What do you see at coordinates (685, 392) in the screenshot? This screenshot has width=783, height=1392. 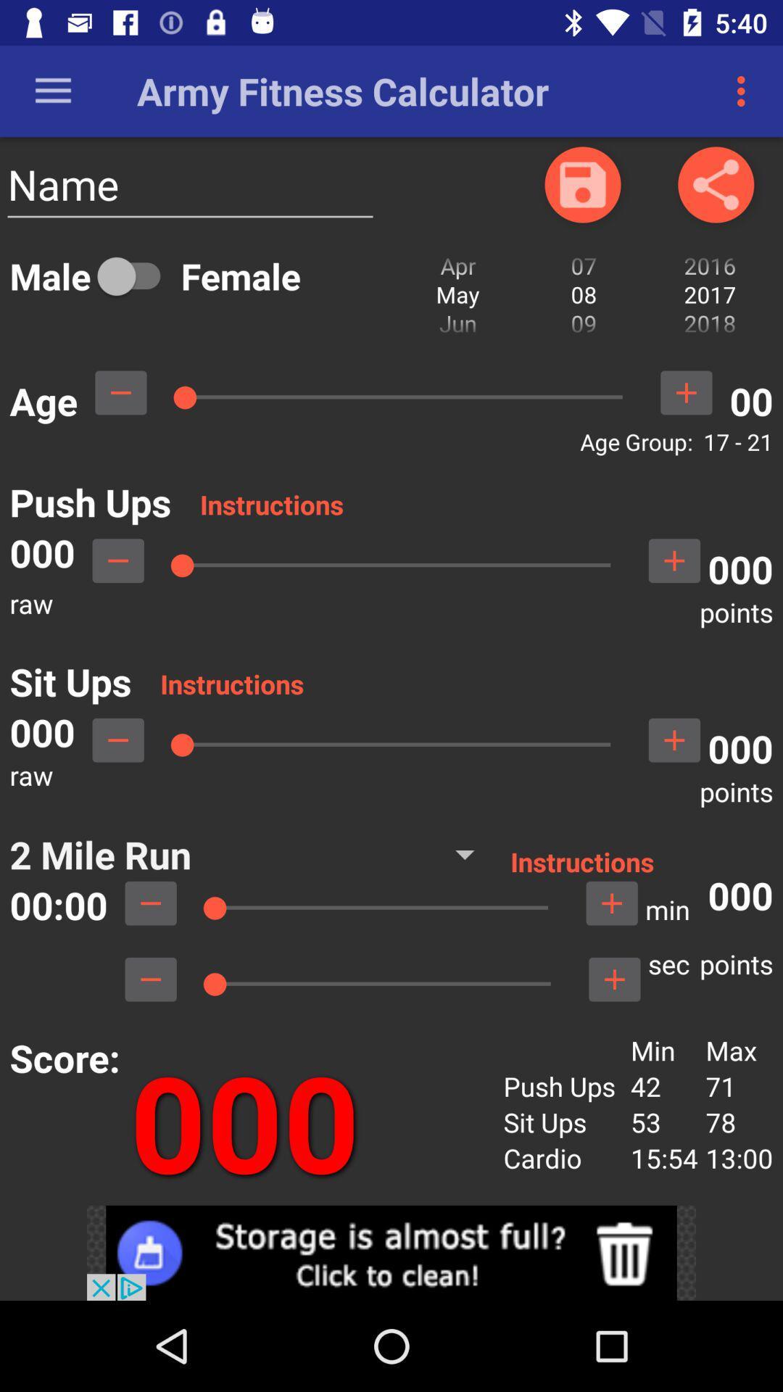 I see `the add icon` at bounding box center [685, 392].